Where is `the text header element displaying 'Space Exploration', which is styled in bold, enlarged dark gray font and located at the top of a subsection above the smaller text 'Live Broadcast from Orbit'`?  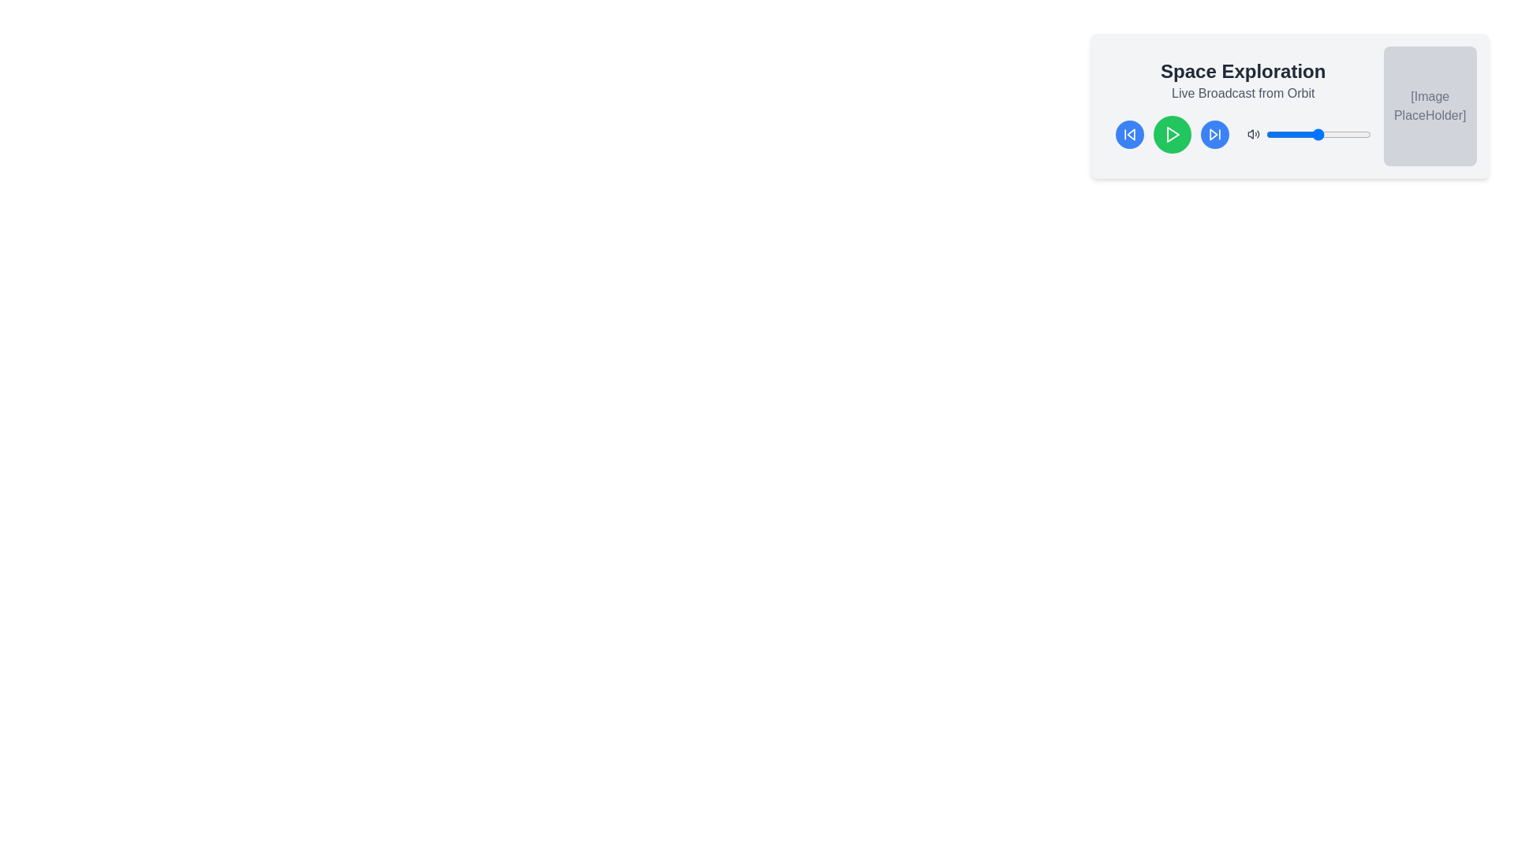 the text header element displaying 'Space Exploration', which is styled in bold, enlarged dark gray font and located at the top of a subsection above the smaller text 'Live Broadcast from Orbit' is located at coordinates (1242, 72).